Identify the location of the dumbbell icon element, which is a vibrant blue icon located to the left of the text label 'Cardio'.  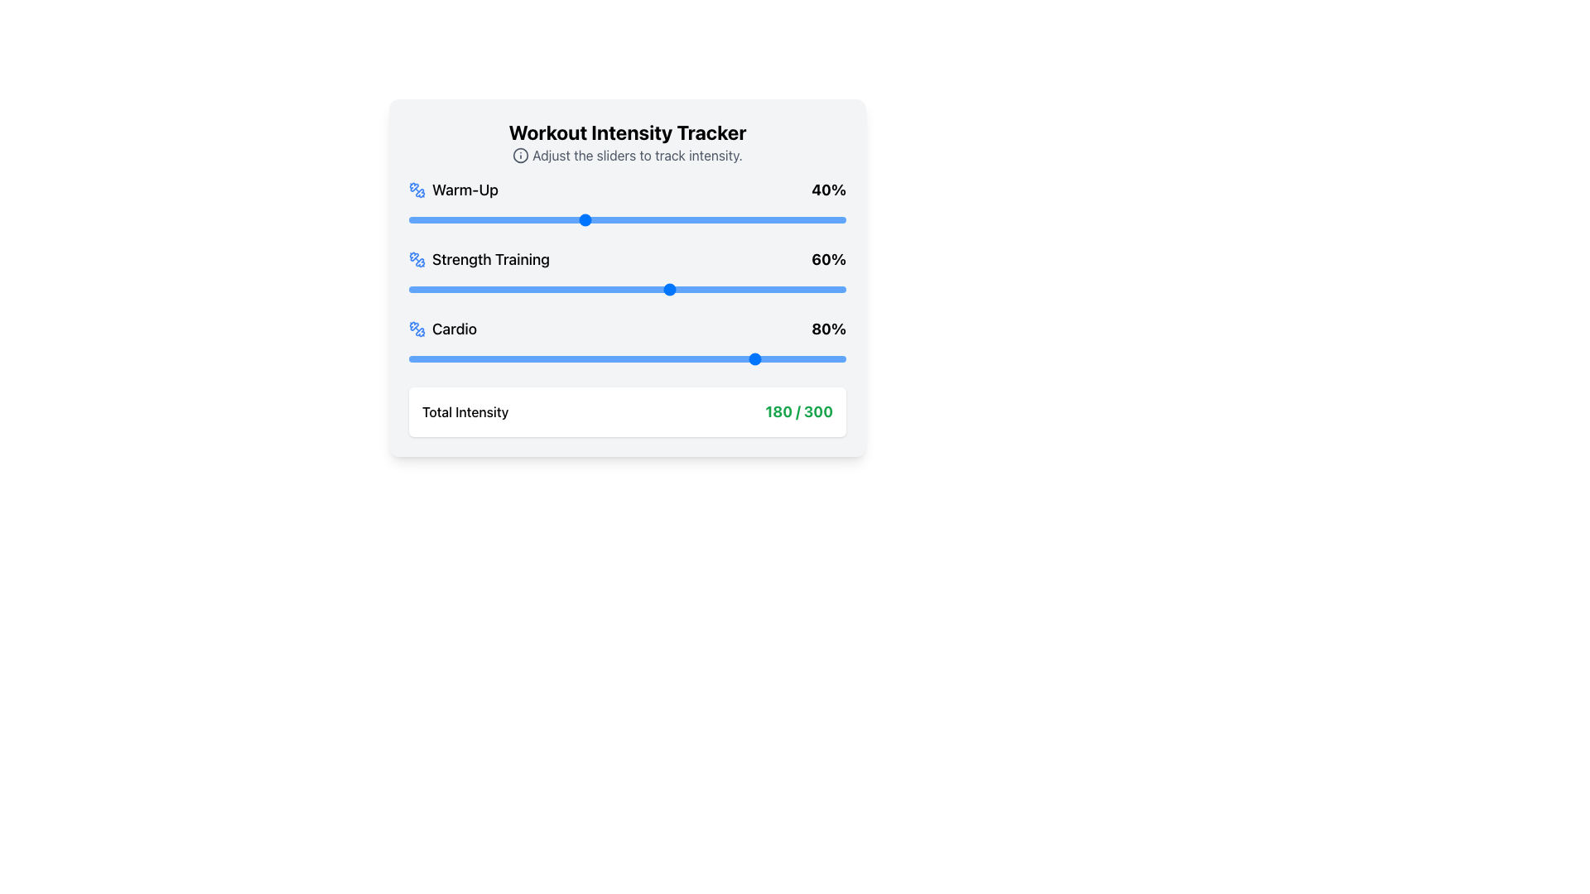
(417, 329).